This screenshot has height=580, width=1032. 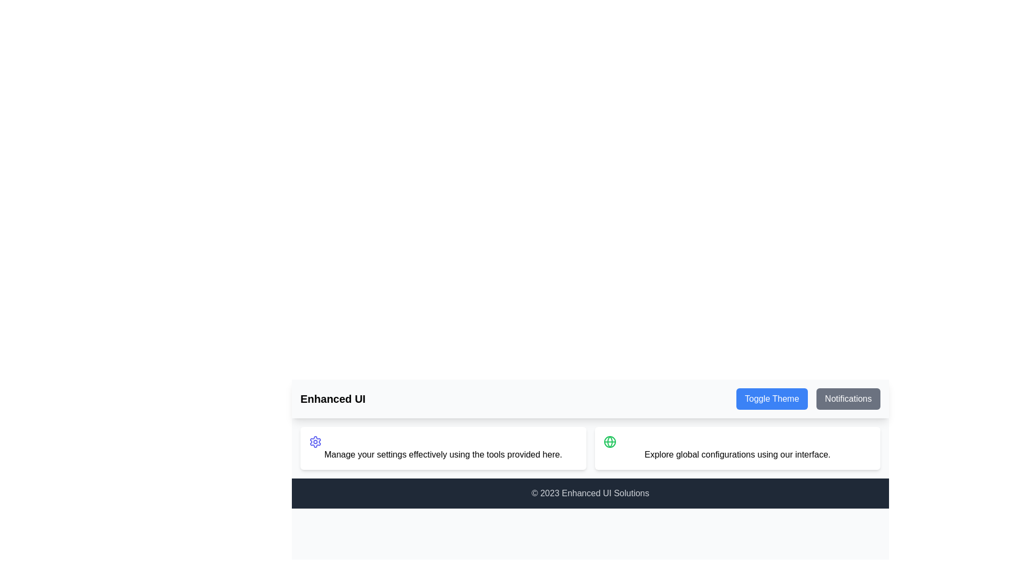 I want to click on the indigo gear-like settings icon located to the left of the descriptive text 'Manage your settings effectively using the tools provided here.', so click(x=314, y=441).